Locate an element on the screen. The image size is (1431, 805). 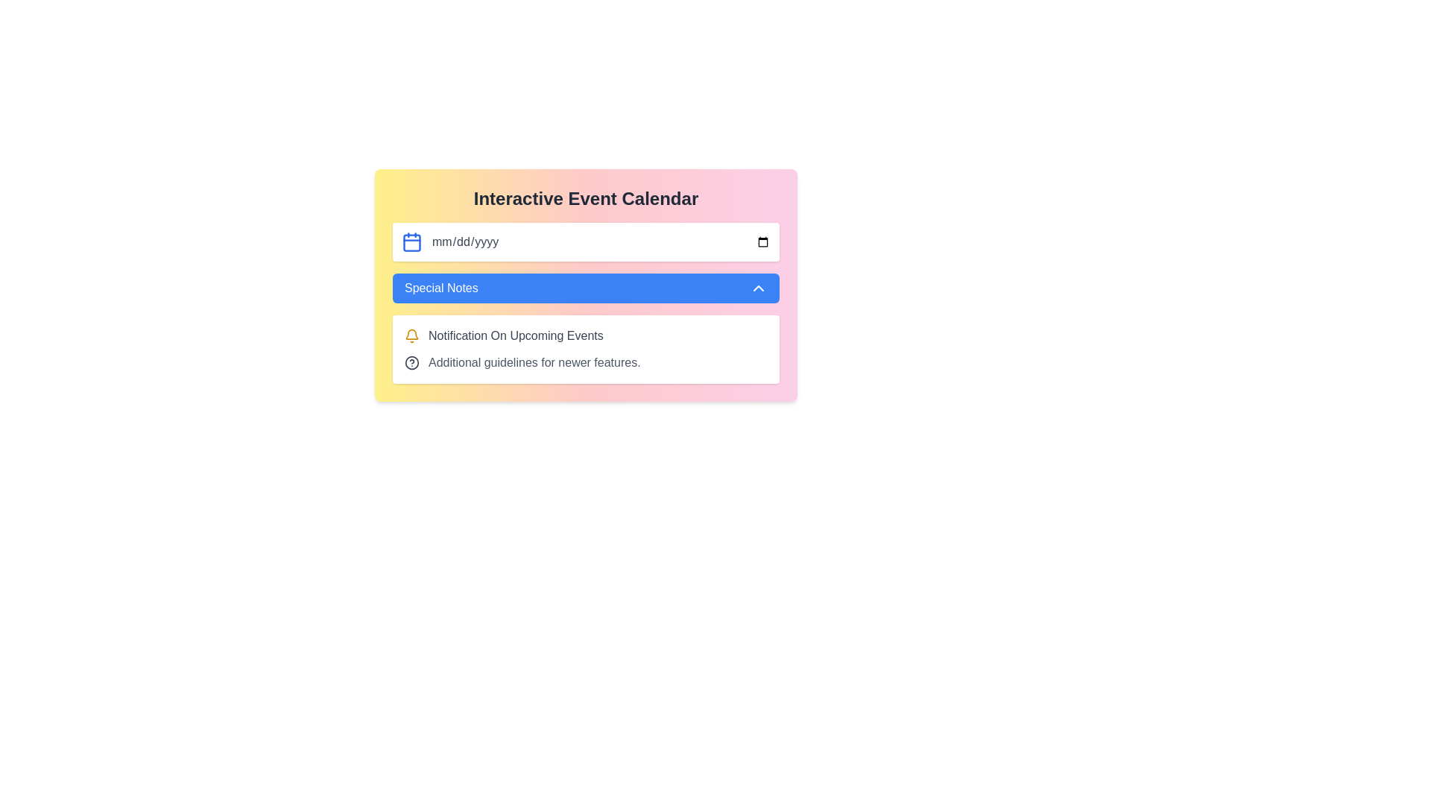
the informational/help icon located within the horizontal group at the bottom section of the interface, preceding the text 'Additional guidelines for newer features.' is located at coordinates (411, 362).